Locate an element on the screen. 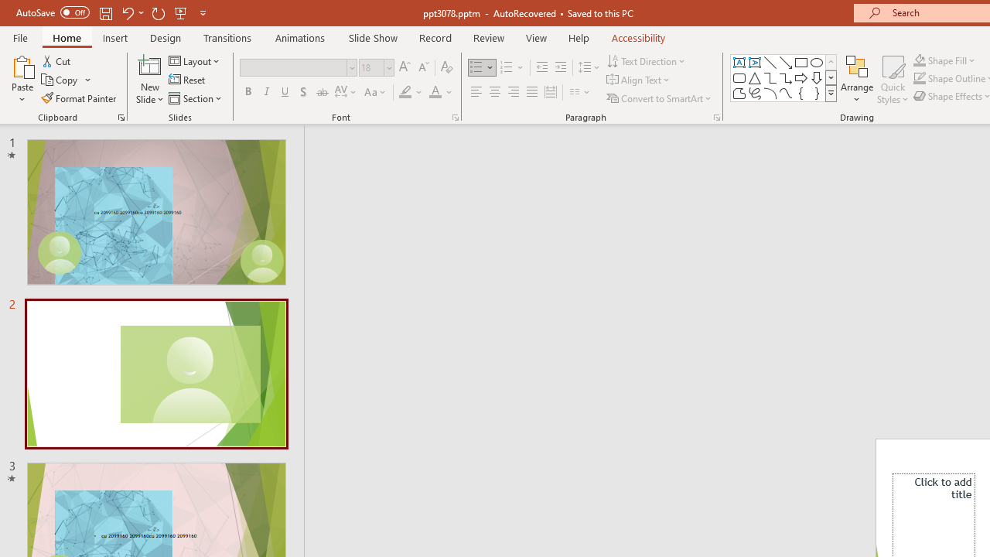 This screenshot has width=990, height=557. 'Shape Fill' is located at coordinates (944, 60).